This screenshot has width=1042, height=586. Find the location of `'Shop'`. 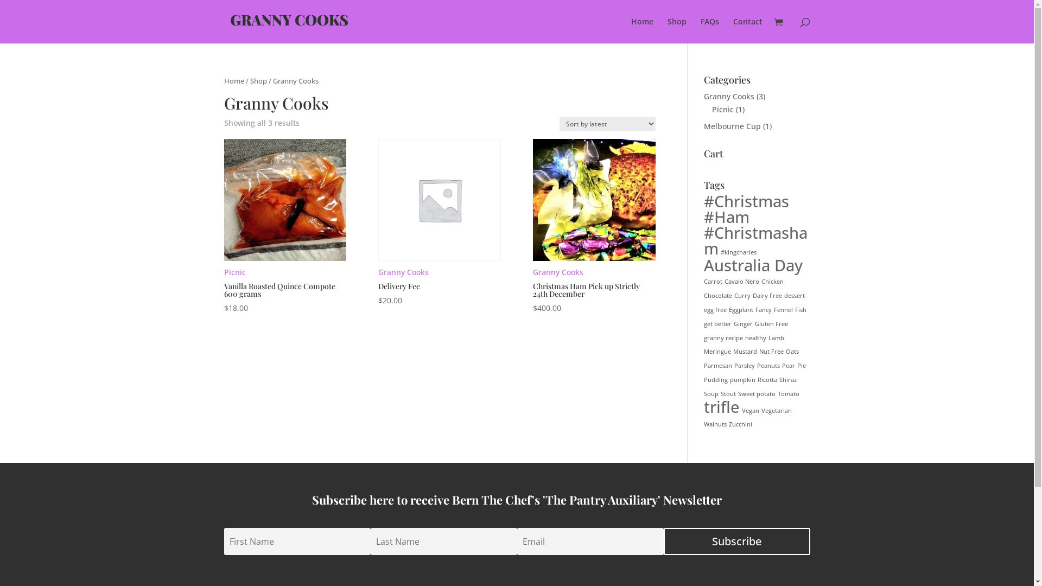

'Shop' is located at coordinates (676, 30).